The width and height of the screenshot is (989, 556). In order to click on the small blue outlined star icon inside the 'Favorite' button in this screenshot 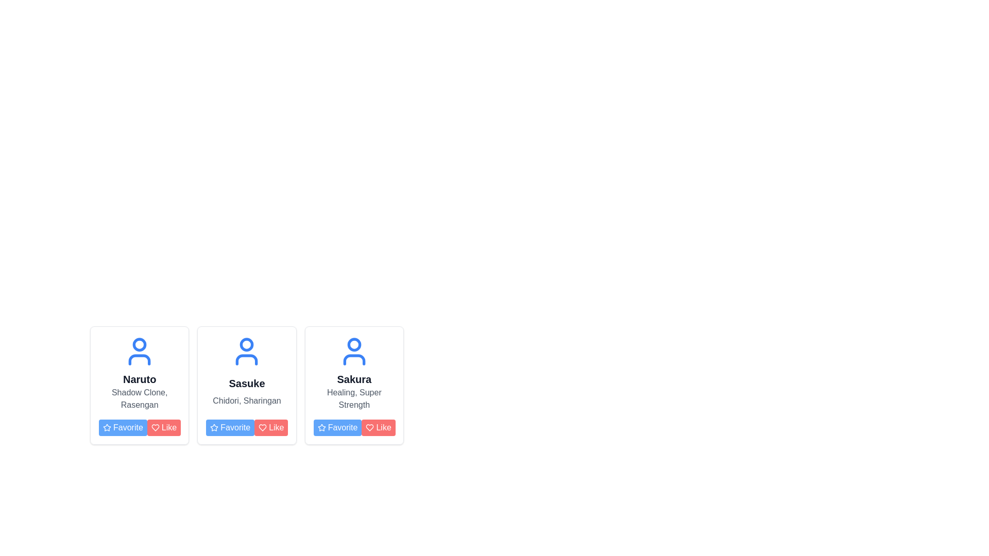, I will do `click(321, 427)`.